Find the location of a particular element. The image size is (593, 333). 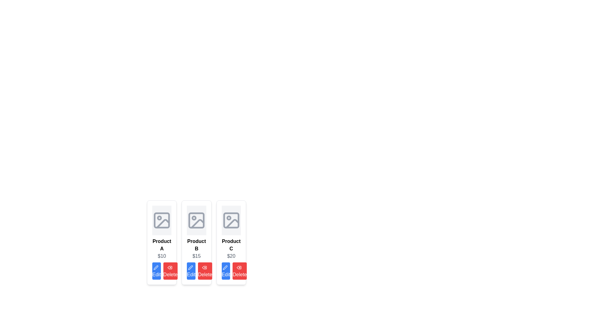

the Decorative Icon located in the upper left quadrant of the image placeholder, which indicates additional information or a status is located at coordinates (159, 218).